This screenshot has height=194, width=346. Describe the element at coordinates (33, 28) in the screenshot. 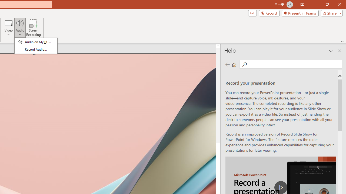

I see `'Screen Recording...'` at that location.